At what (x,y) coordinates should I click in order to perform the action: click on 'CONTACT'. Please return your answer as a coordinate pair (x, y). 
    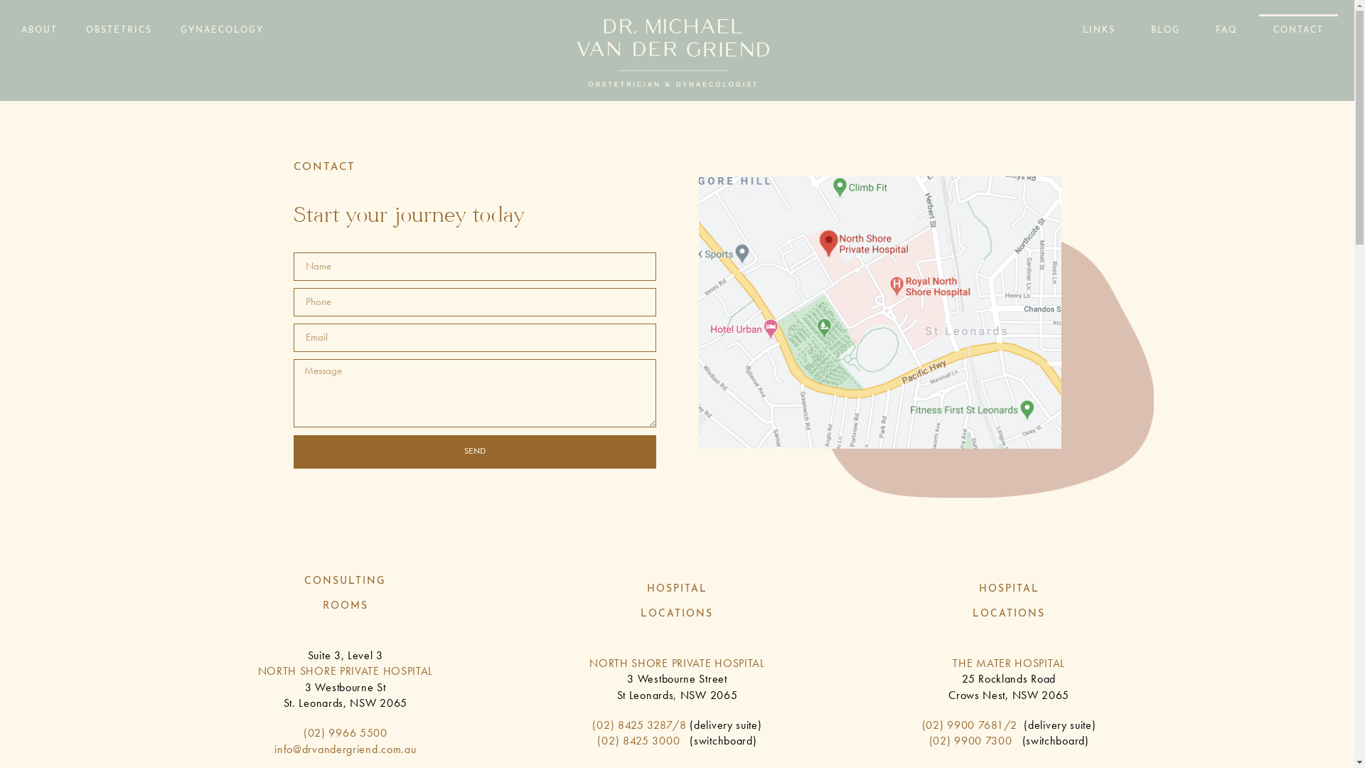
    Looking at the image, I should click on (1298, 30).